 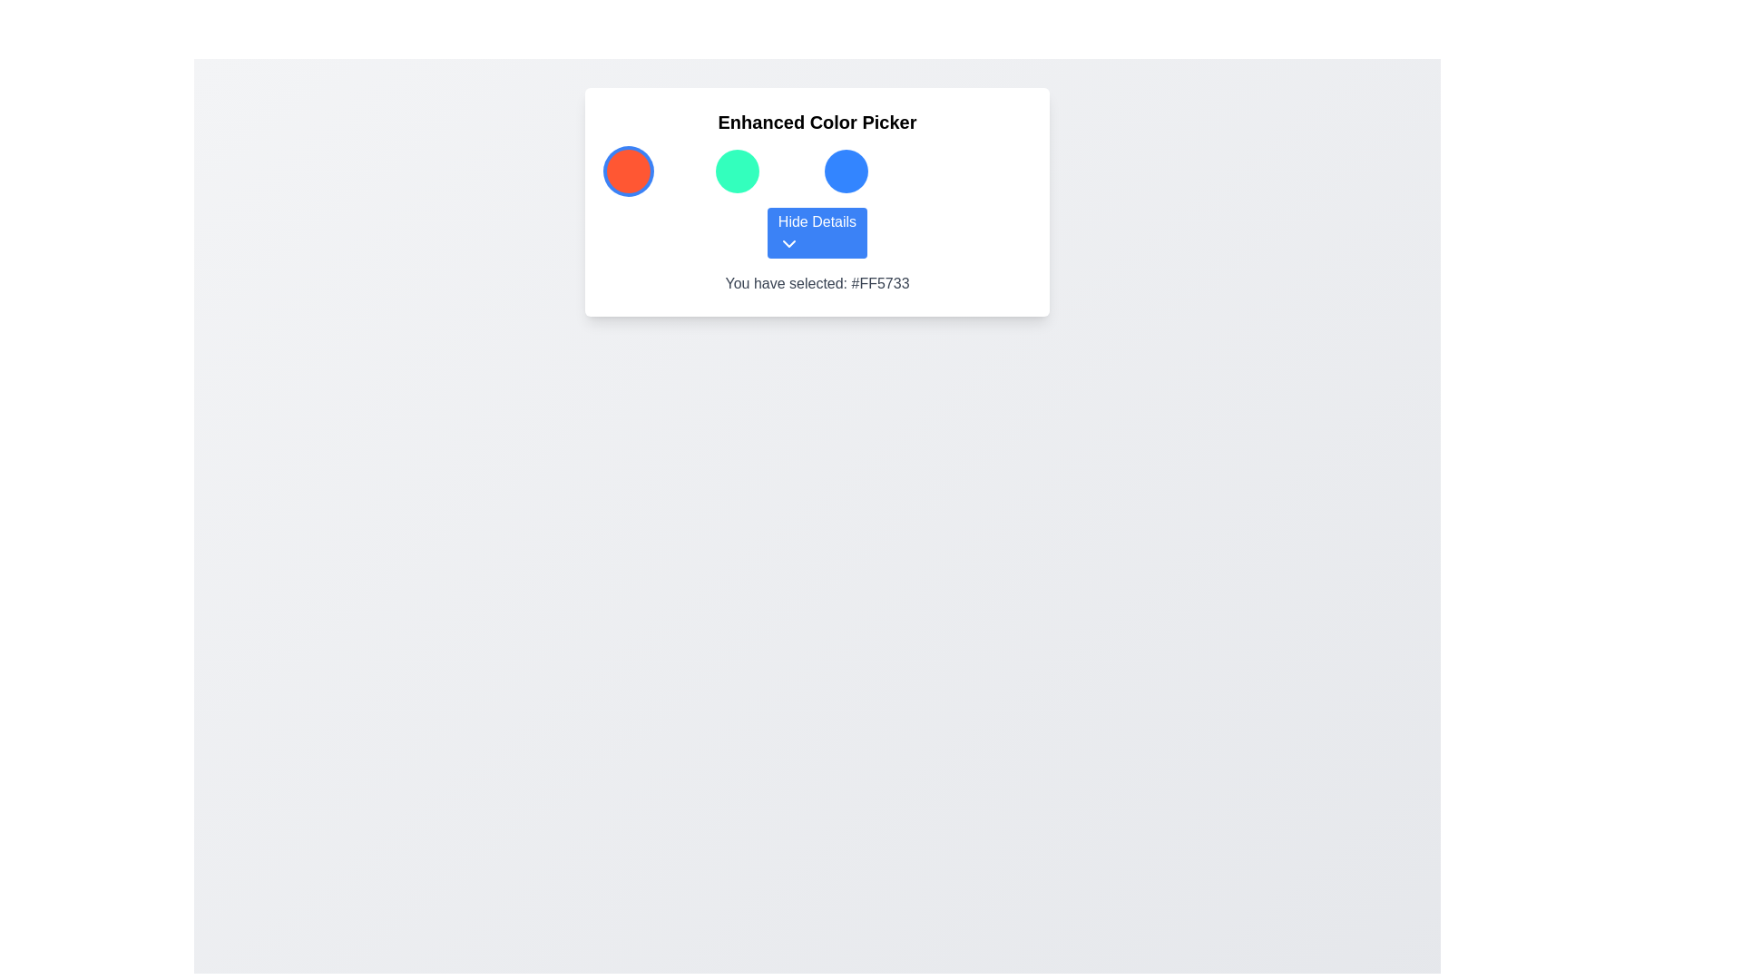 What do you see at coordinates (845, 171) in the screenshot?
I see `the color selection button, which is the third circular button in a row of four, located between a green button and an empty space` at bounding box center [845, 171].